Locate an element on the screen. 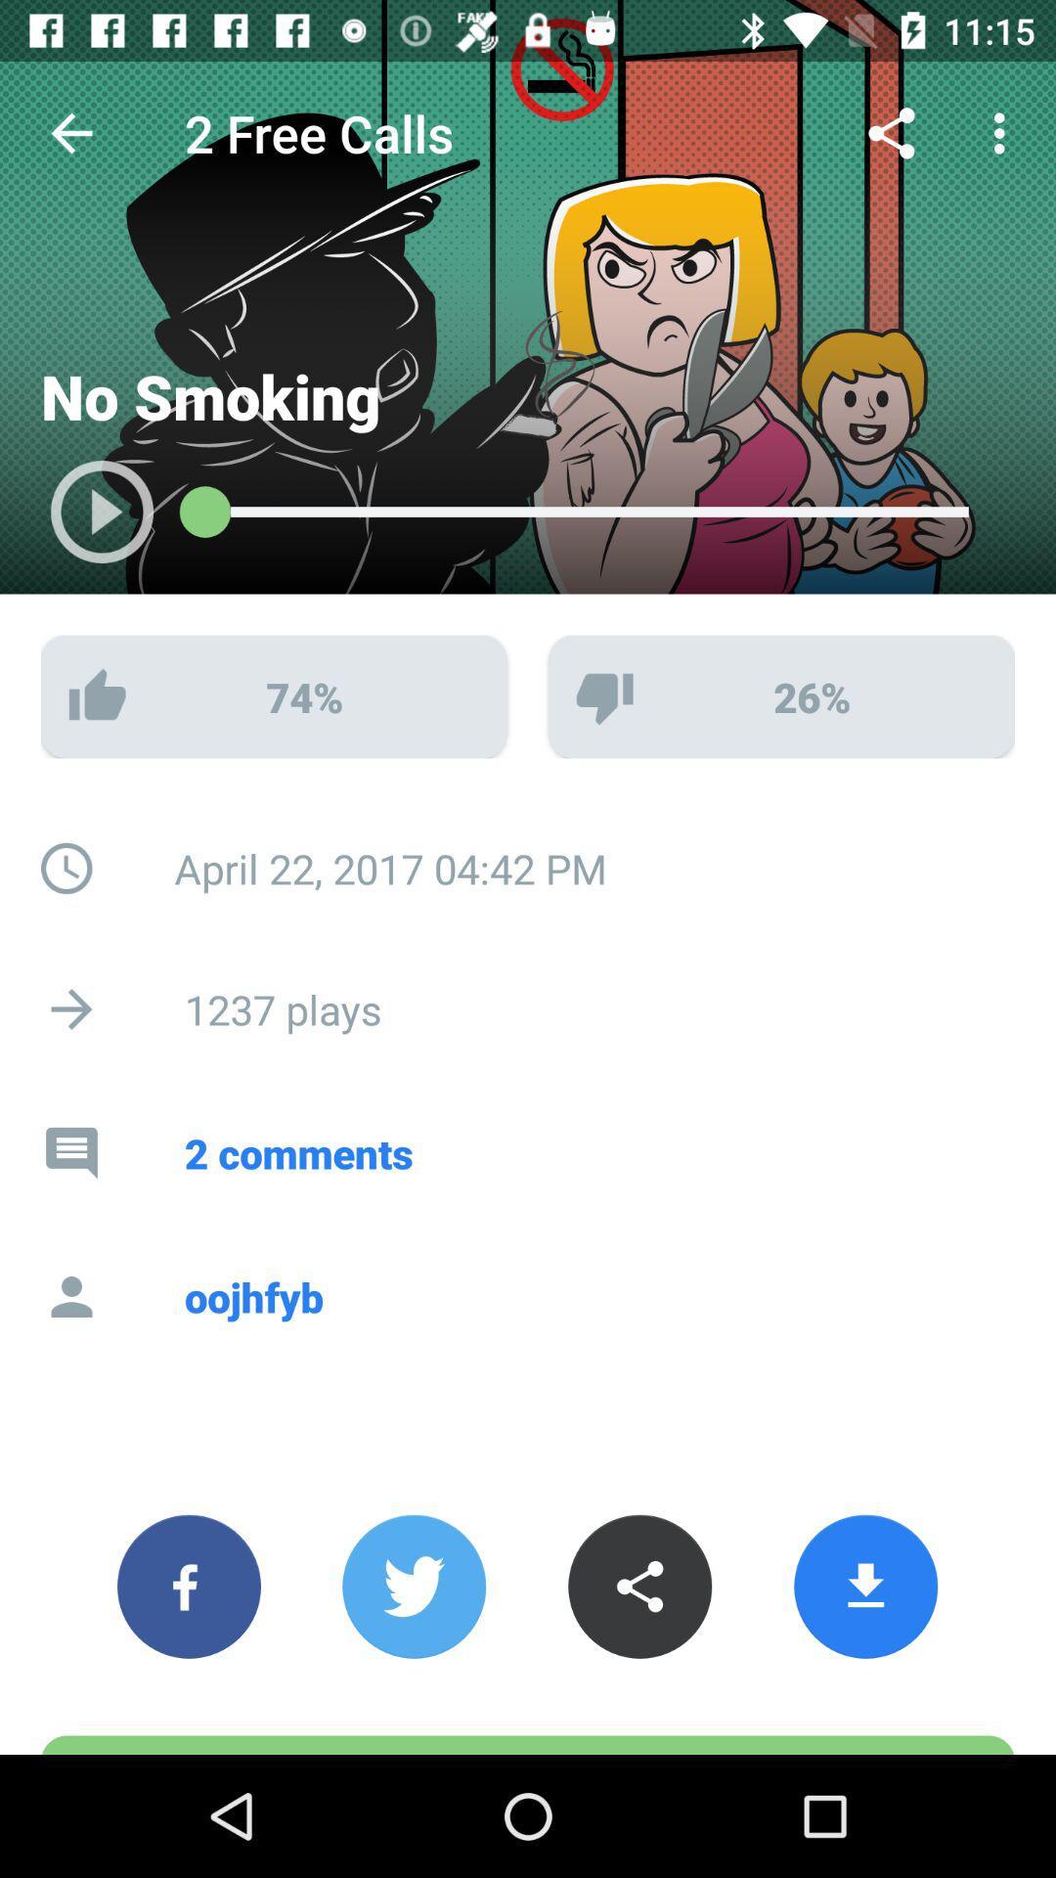  the 74 with thumbs up symbol is located at coordinates (274, 697).